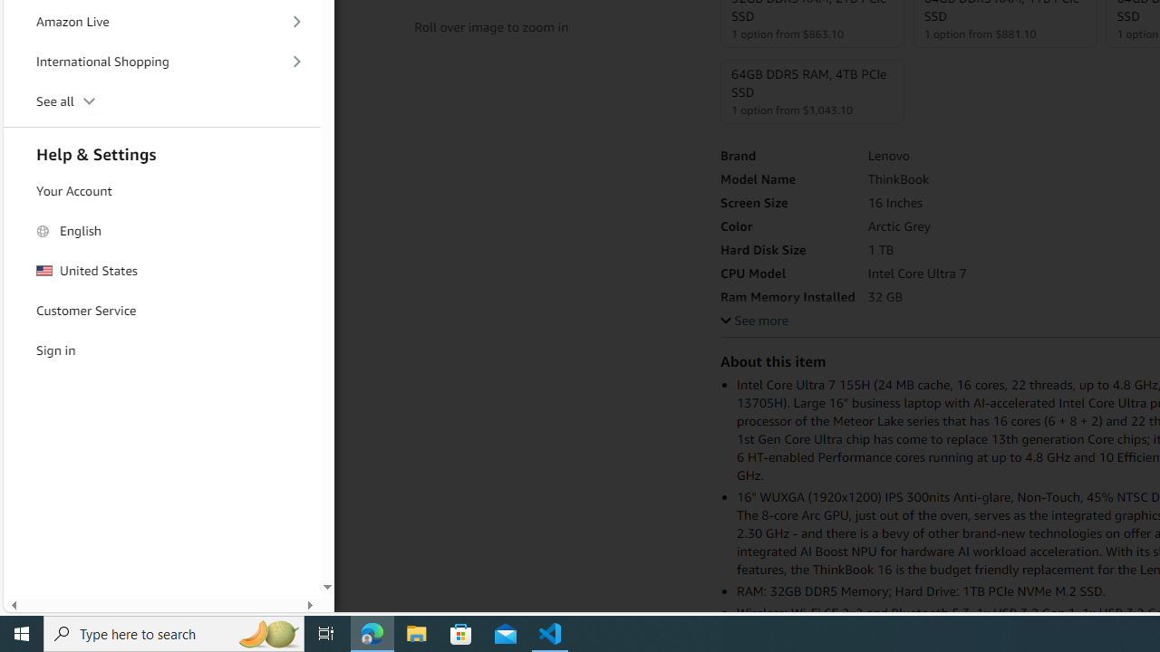 Image resolution: width=1160 pixels, height=652 pixels. I want to click on 'Amazon Live', so click(162, 21).